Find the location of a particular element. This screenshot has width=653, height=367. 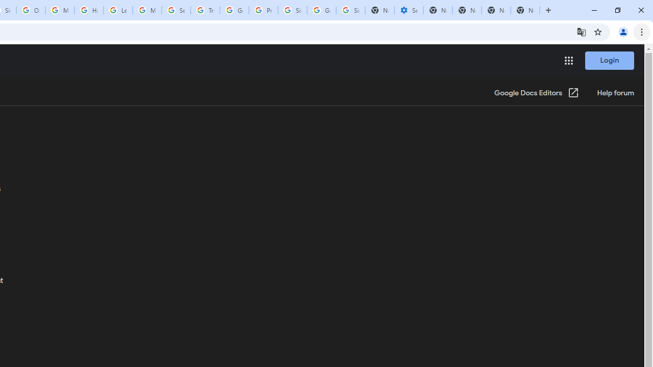

'Translate this page' is located at coordinates (581, 31).